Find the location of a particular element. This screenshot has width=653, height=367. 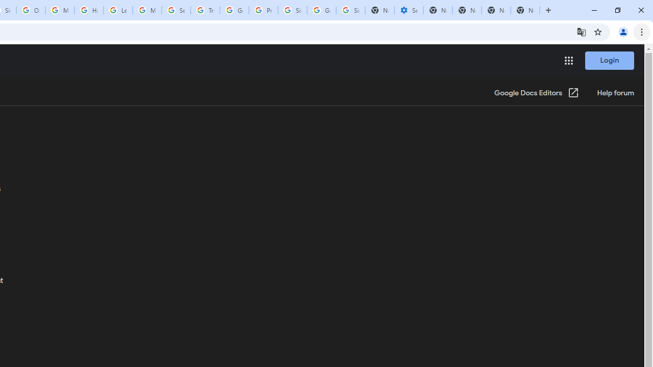

'Translate this page' is located at coordinates (581, 31).